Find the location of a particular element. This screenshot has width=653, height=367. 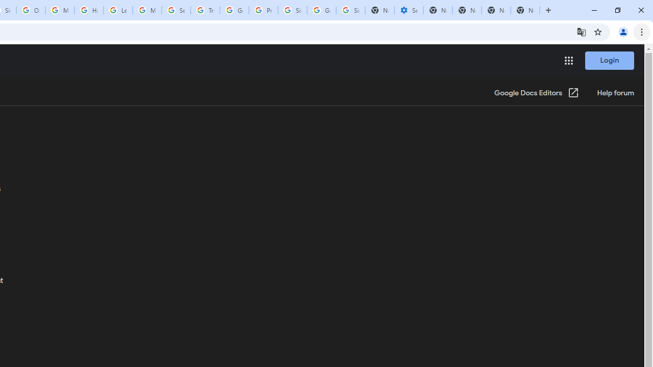

'Translate this page' is located at coordinates (581, 31).